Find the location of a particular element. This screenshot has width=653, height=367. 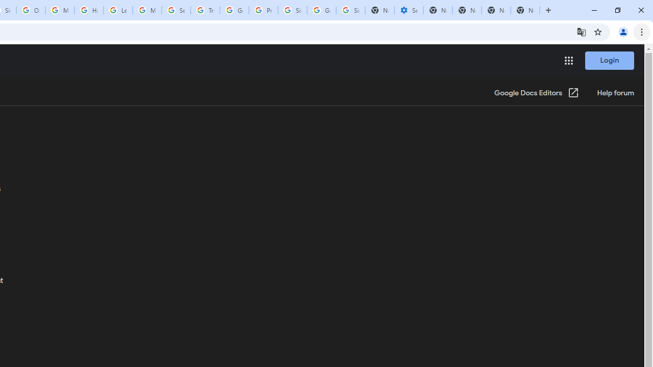

'Translate this page' is located at coordinates (581, 31).